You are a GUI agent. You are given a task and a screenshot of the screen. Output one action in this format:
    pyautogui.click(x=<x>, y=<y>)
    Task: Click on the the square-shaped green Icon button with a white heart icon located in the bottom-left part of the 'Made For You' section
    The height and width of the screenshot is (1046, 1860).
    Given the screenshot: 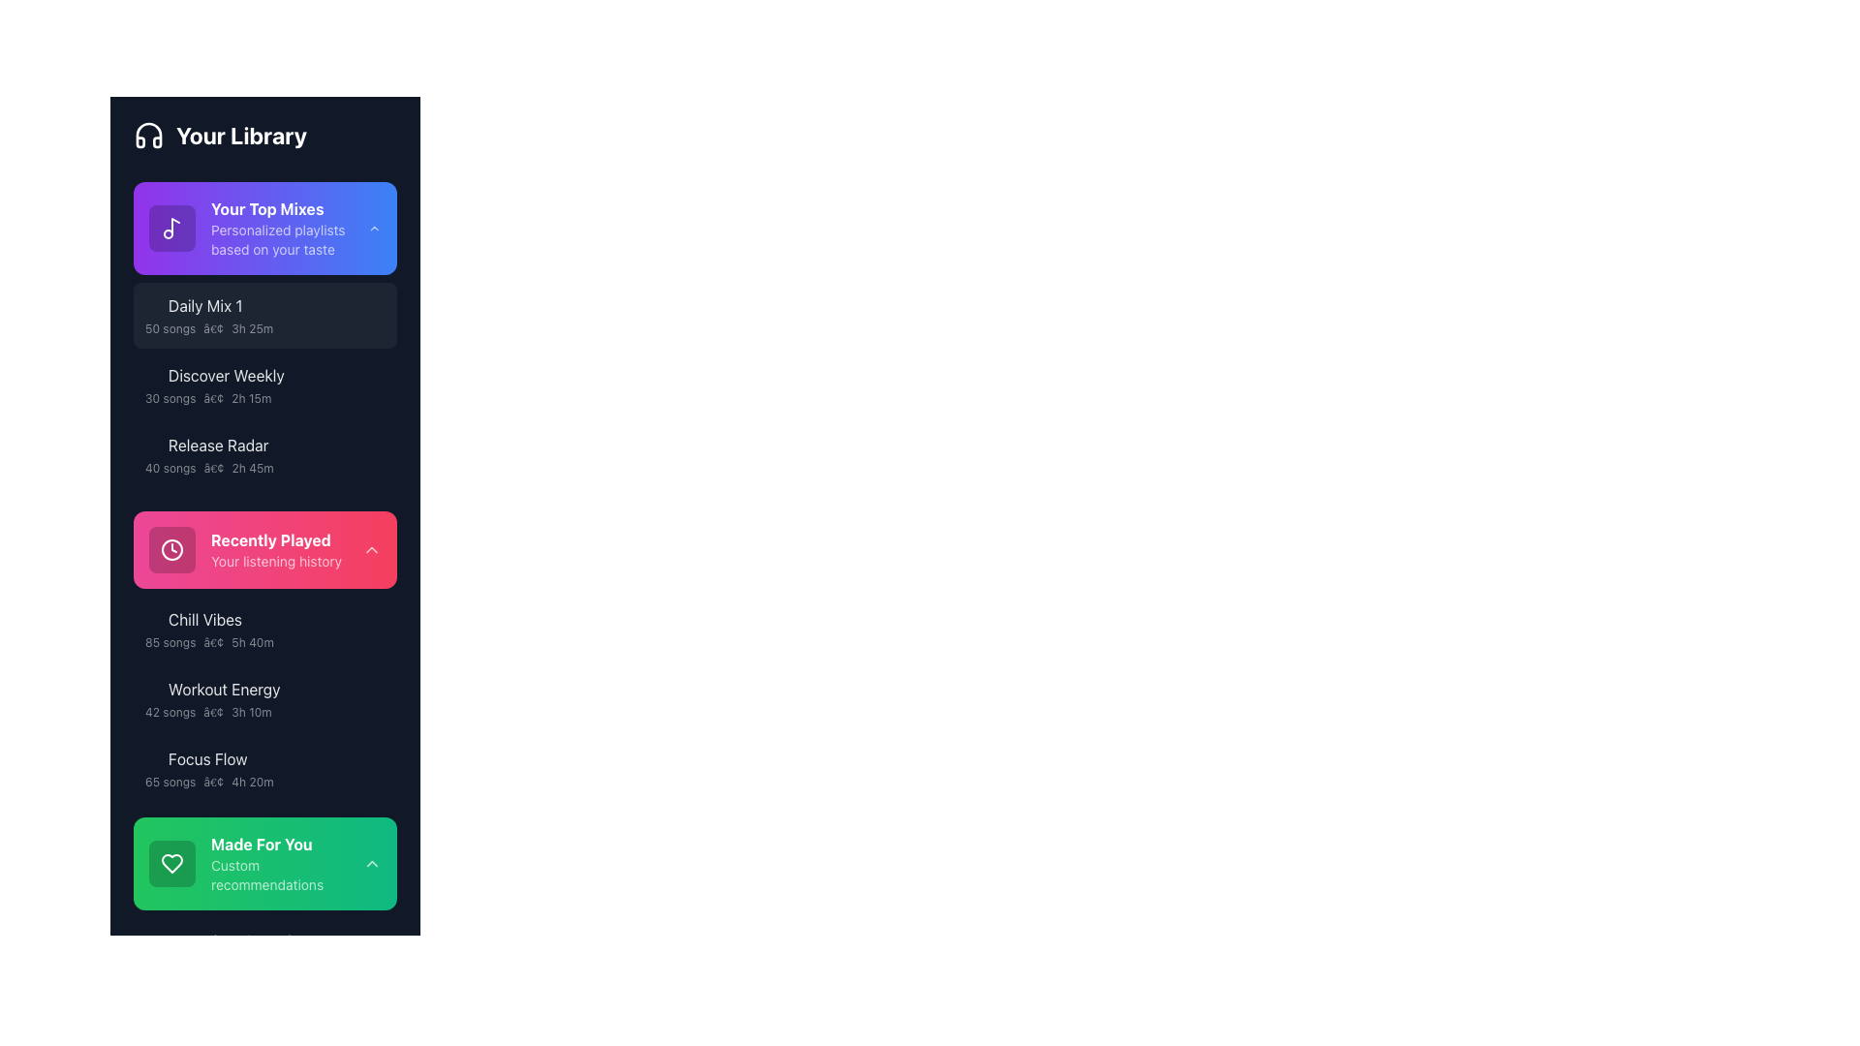 What is the action you would take?
    pyautogui.click(x=171, y=862)
    